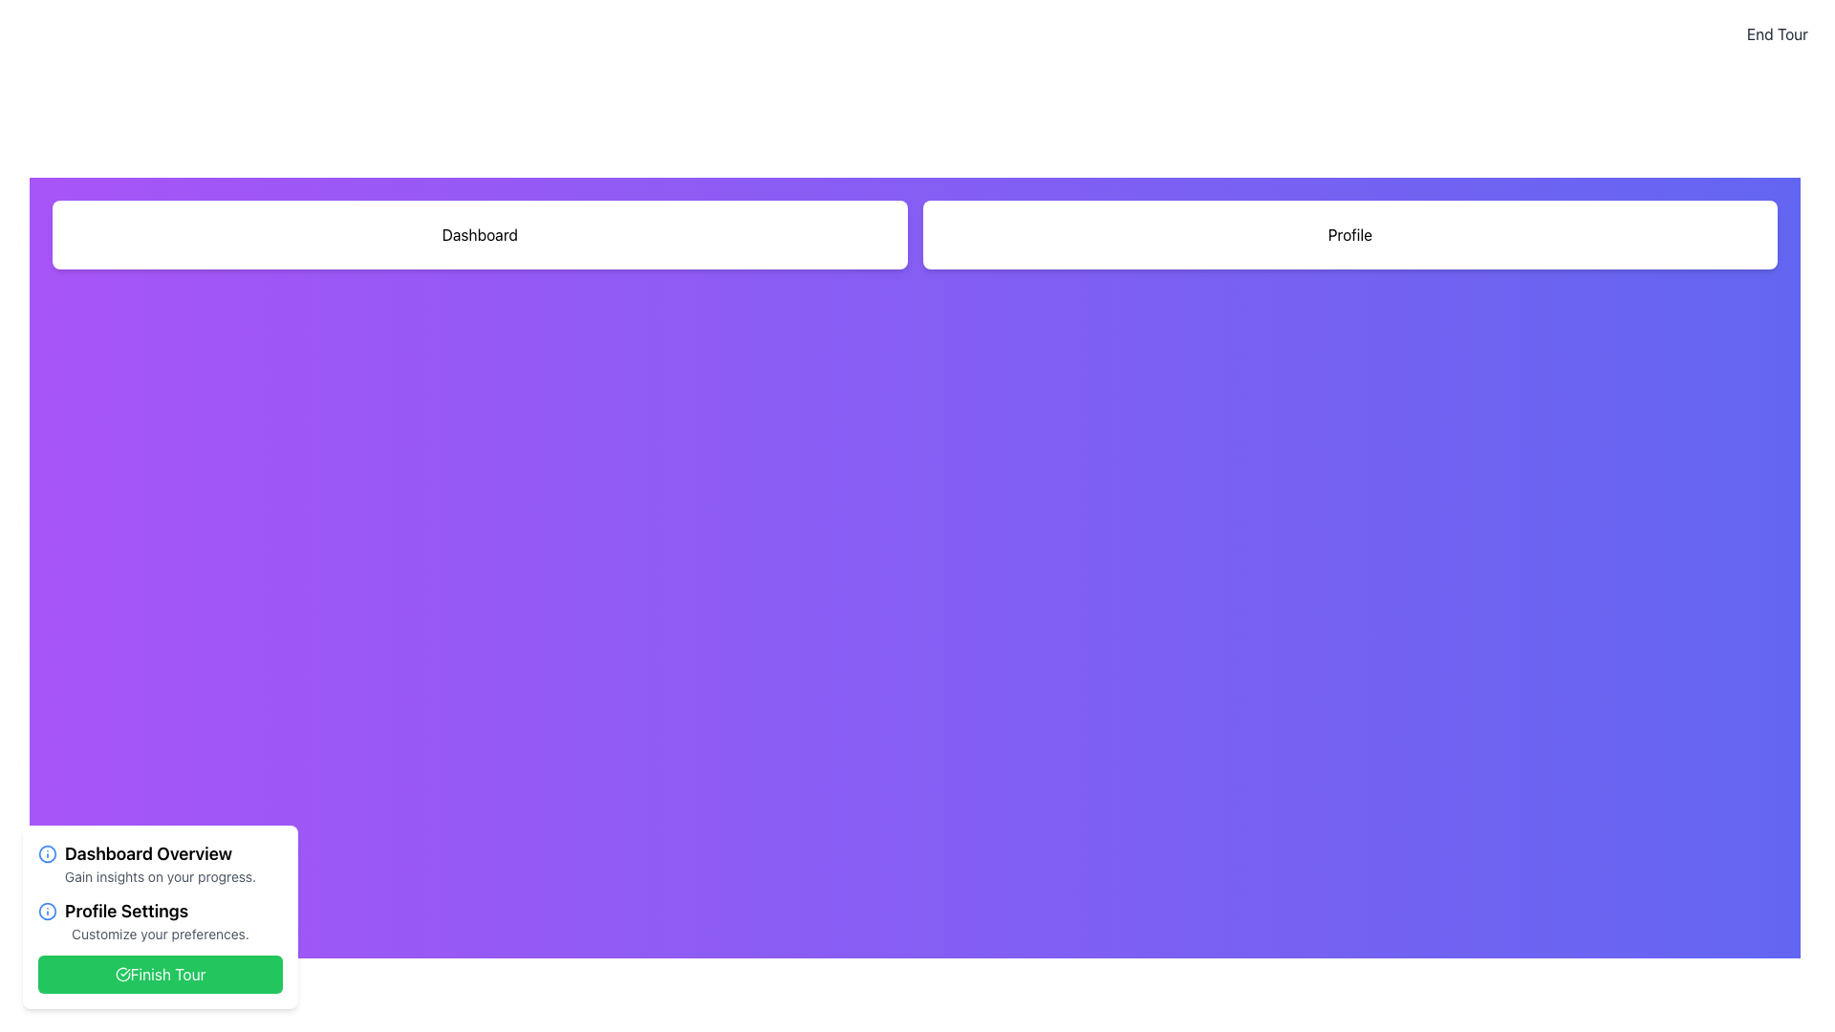  Describe the element at coordinates (161, 877) in the screenshot. I see `the text label displaying 'Gain insights on your progress.' located below the 'Dashboard Overview' heading in the lower-left corner of the interface` at that location.